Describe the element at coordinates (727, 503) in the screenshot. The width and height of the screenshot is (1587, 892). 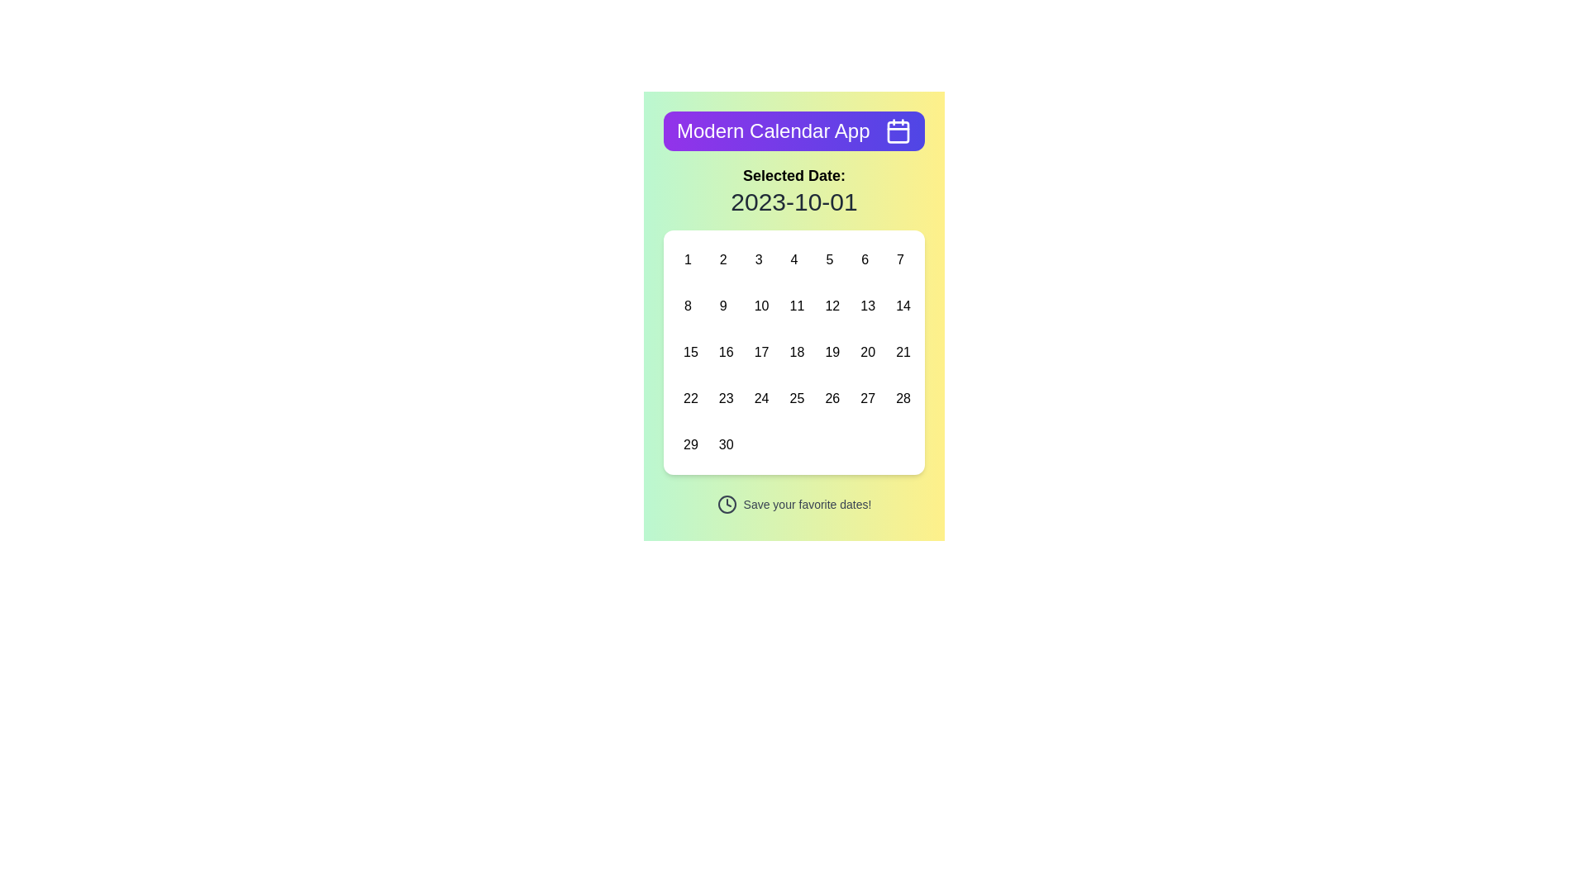
I see `the clock icon, which features a circular outline and clock hands, located to the left of the text 'Save your favorite dates!'` at that location.